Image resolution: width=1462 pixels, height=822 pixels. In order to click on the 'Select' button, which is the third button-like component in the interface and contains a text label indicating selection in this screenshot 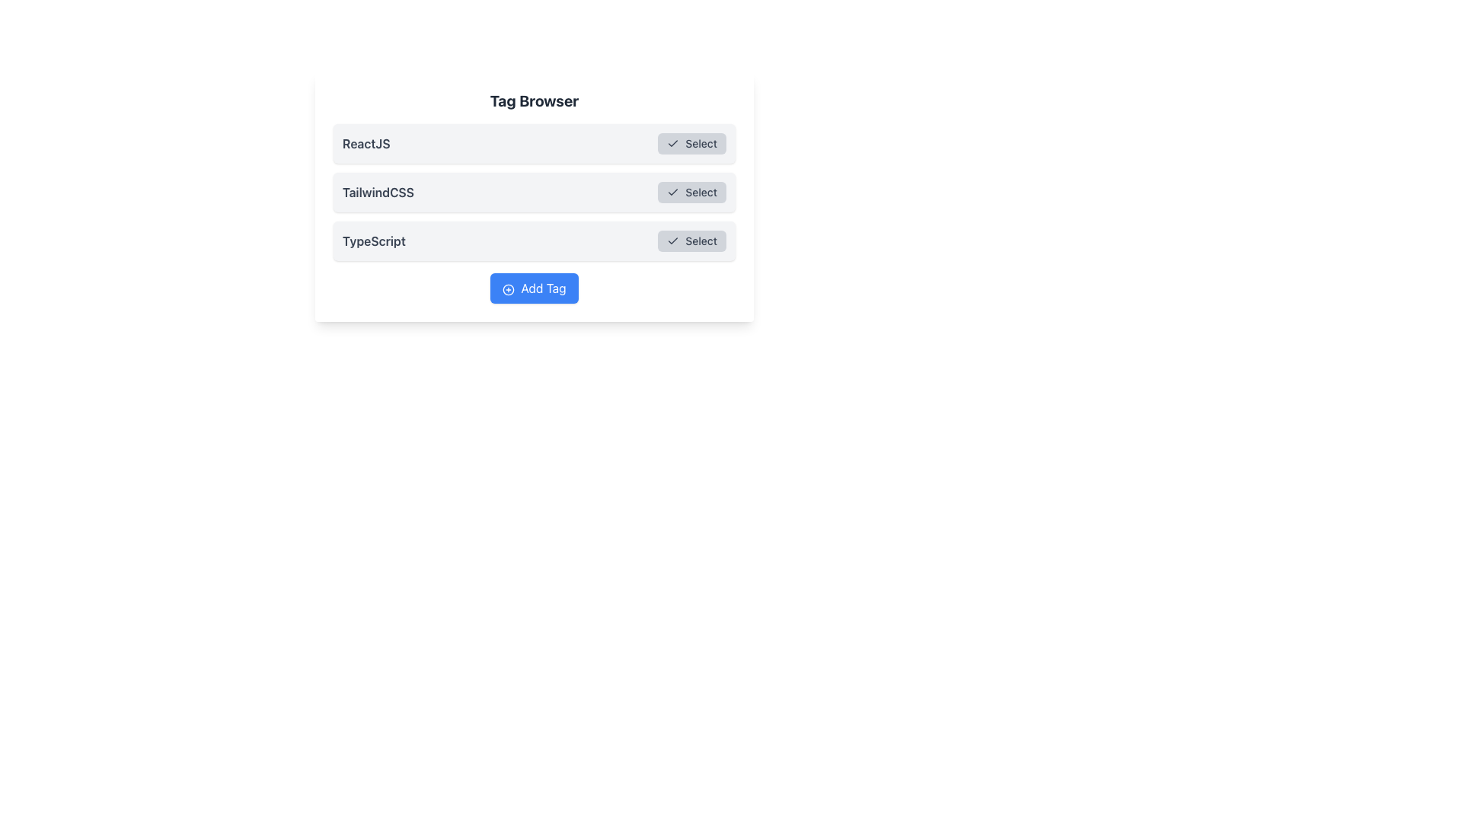, I will do `click(701, 240)`.